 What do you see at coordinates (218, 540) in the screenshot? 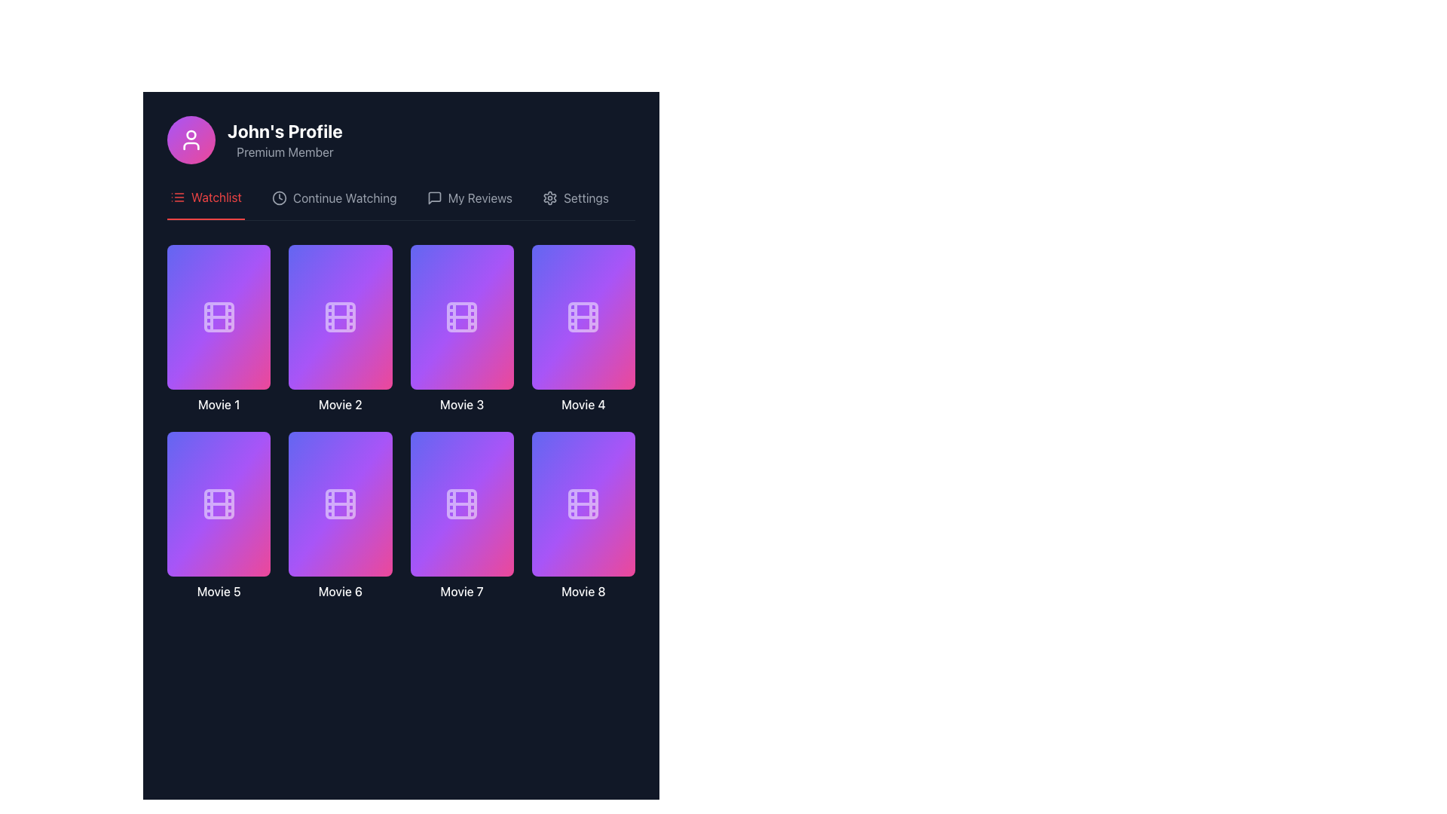
I see `the group of interactive buttons containing the heart and eye icons located at the bottom of the 'Movie 5' card` at bounding box center [218, 540].